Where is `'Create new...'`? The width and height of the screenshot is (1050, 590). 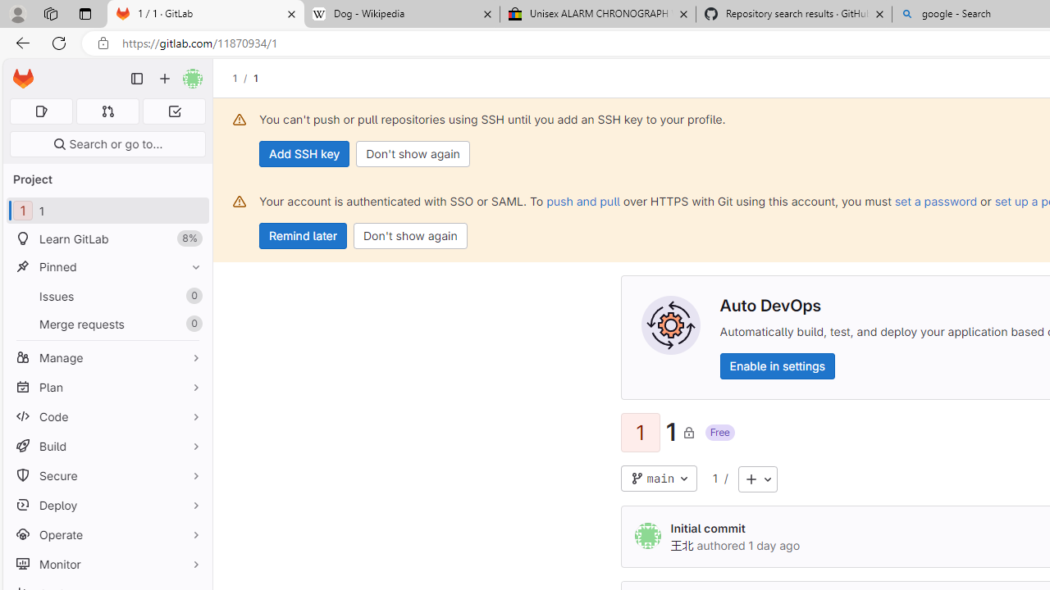 'Create new...' is located at coordinates (165, 79).